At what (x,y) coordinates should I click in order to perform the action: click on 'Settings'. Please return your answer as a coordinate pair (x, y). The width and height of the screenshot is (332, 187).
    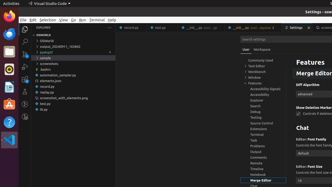
    Looking at the image, I should click on (297, 28).